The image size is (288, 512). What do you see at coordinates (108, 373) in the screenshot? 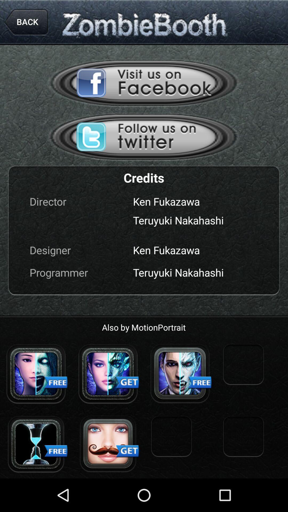
I see `choose zombie profile` at bounding box center [108, 373].